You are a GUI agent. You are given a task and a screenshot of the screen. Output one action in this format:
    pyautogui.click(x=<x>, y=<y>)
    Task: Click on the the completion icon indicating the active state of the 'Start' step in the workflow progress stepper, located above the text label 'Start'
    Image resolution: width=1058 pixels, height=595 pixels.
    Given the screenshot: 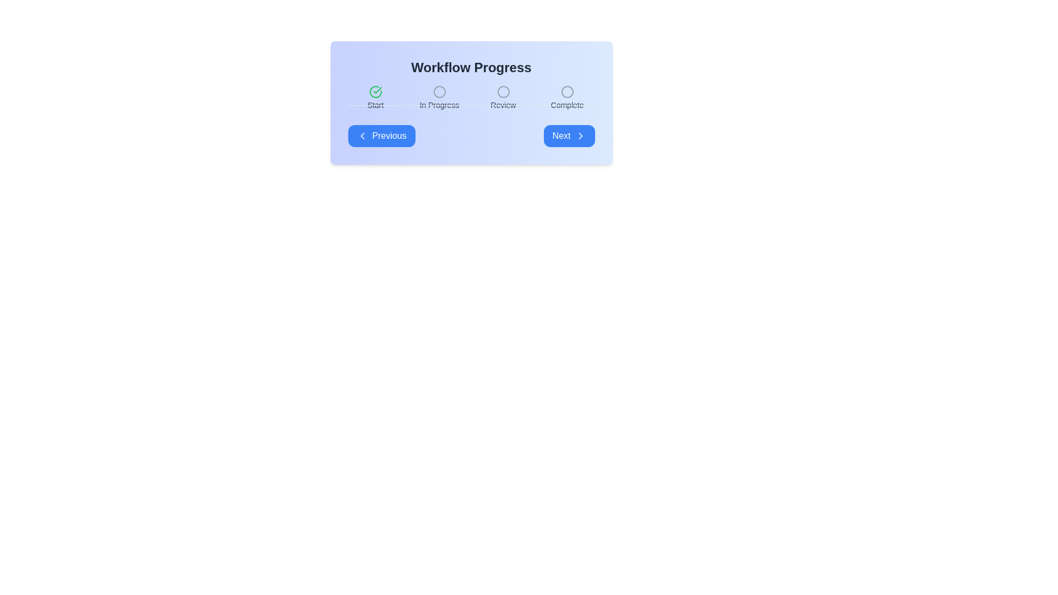 What is the action you would take?
    pyautogui.click(x=375, y=91)
    